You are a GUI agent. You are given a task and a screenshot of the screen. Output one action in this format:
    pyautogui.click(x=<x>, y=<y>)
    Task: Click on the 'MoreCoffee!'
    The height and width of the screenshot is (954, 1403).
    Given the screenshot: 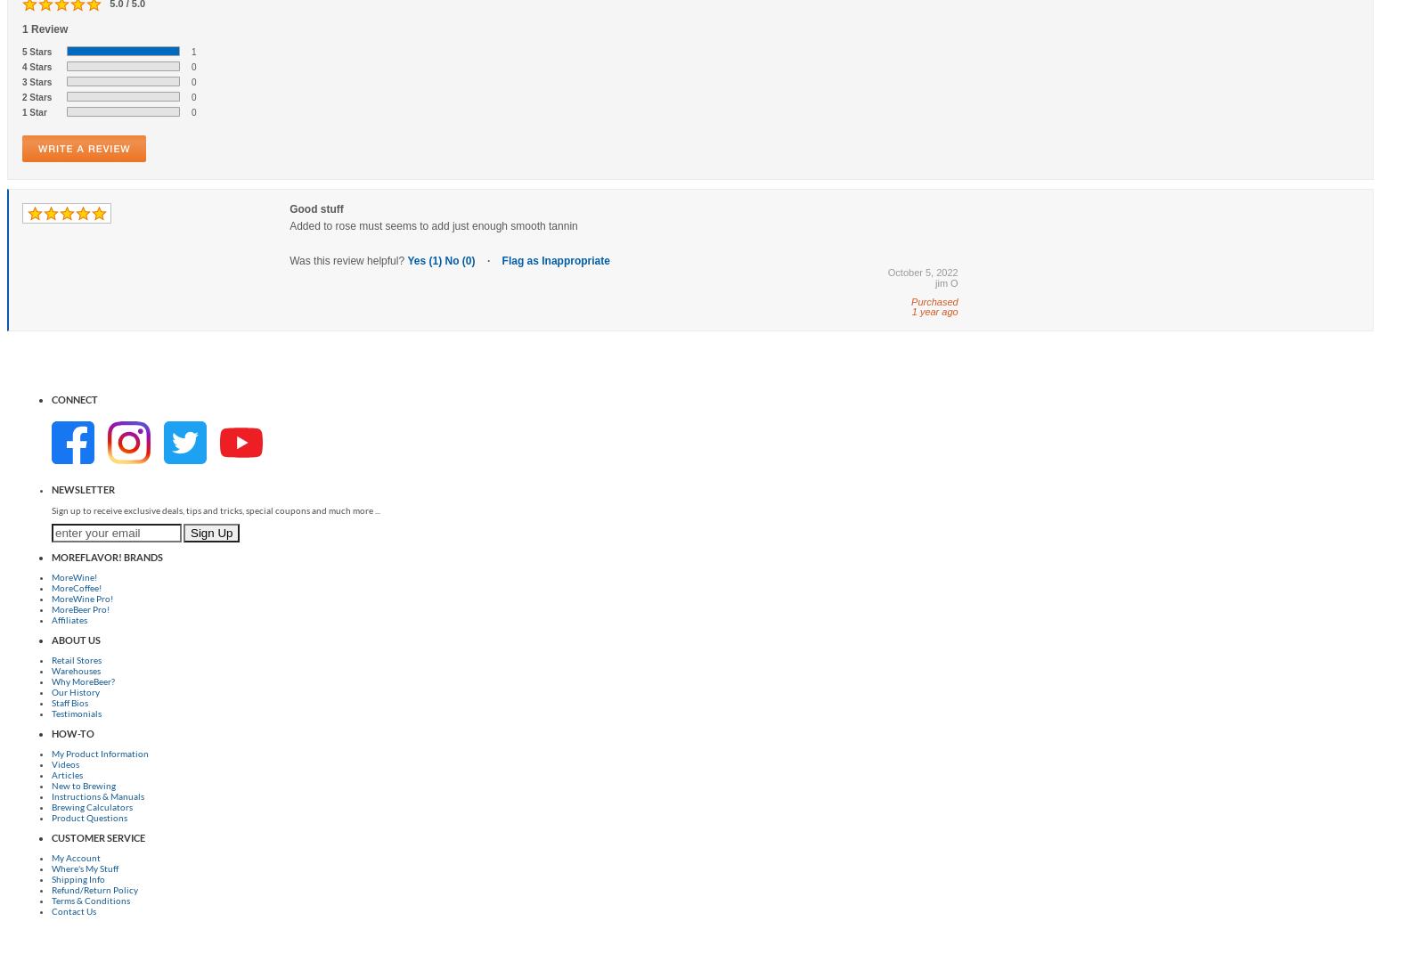 What is the action you would take?
    pyautogui.click(x=75, y=585)
    